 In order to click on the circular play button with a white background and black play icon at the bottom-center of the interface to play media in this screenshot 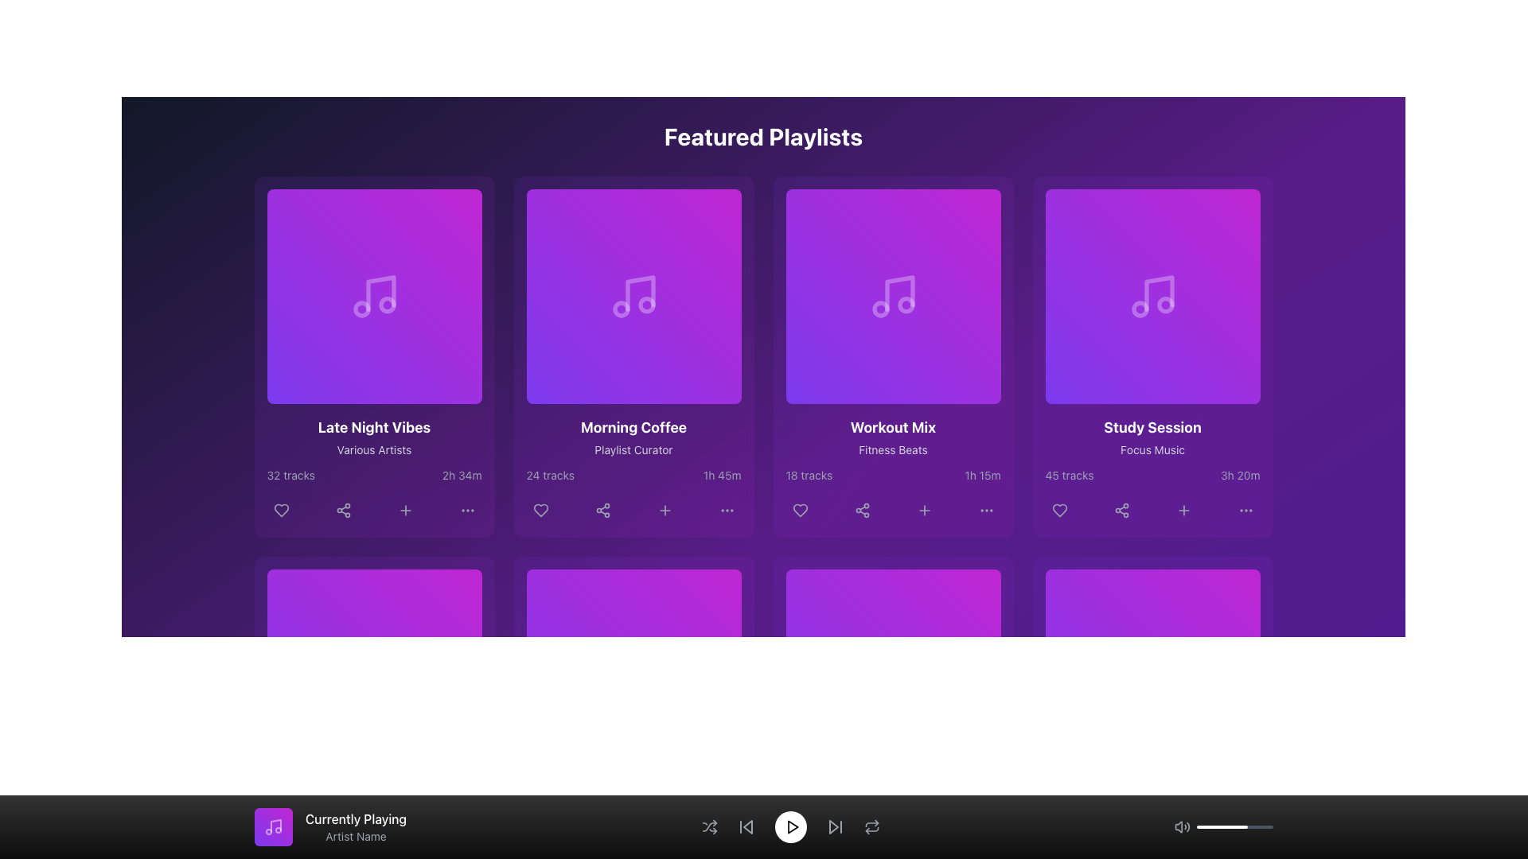, I will do `click(790, 826)`.